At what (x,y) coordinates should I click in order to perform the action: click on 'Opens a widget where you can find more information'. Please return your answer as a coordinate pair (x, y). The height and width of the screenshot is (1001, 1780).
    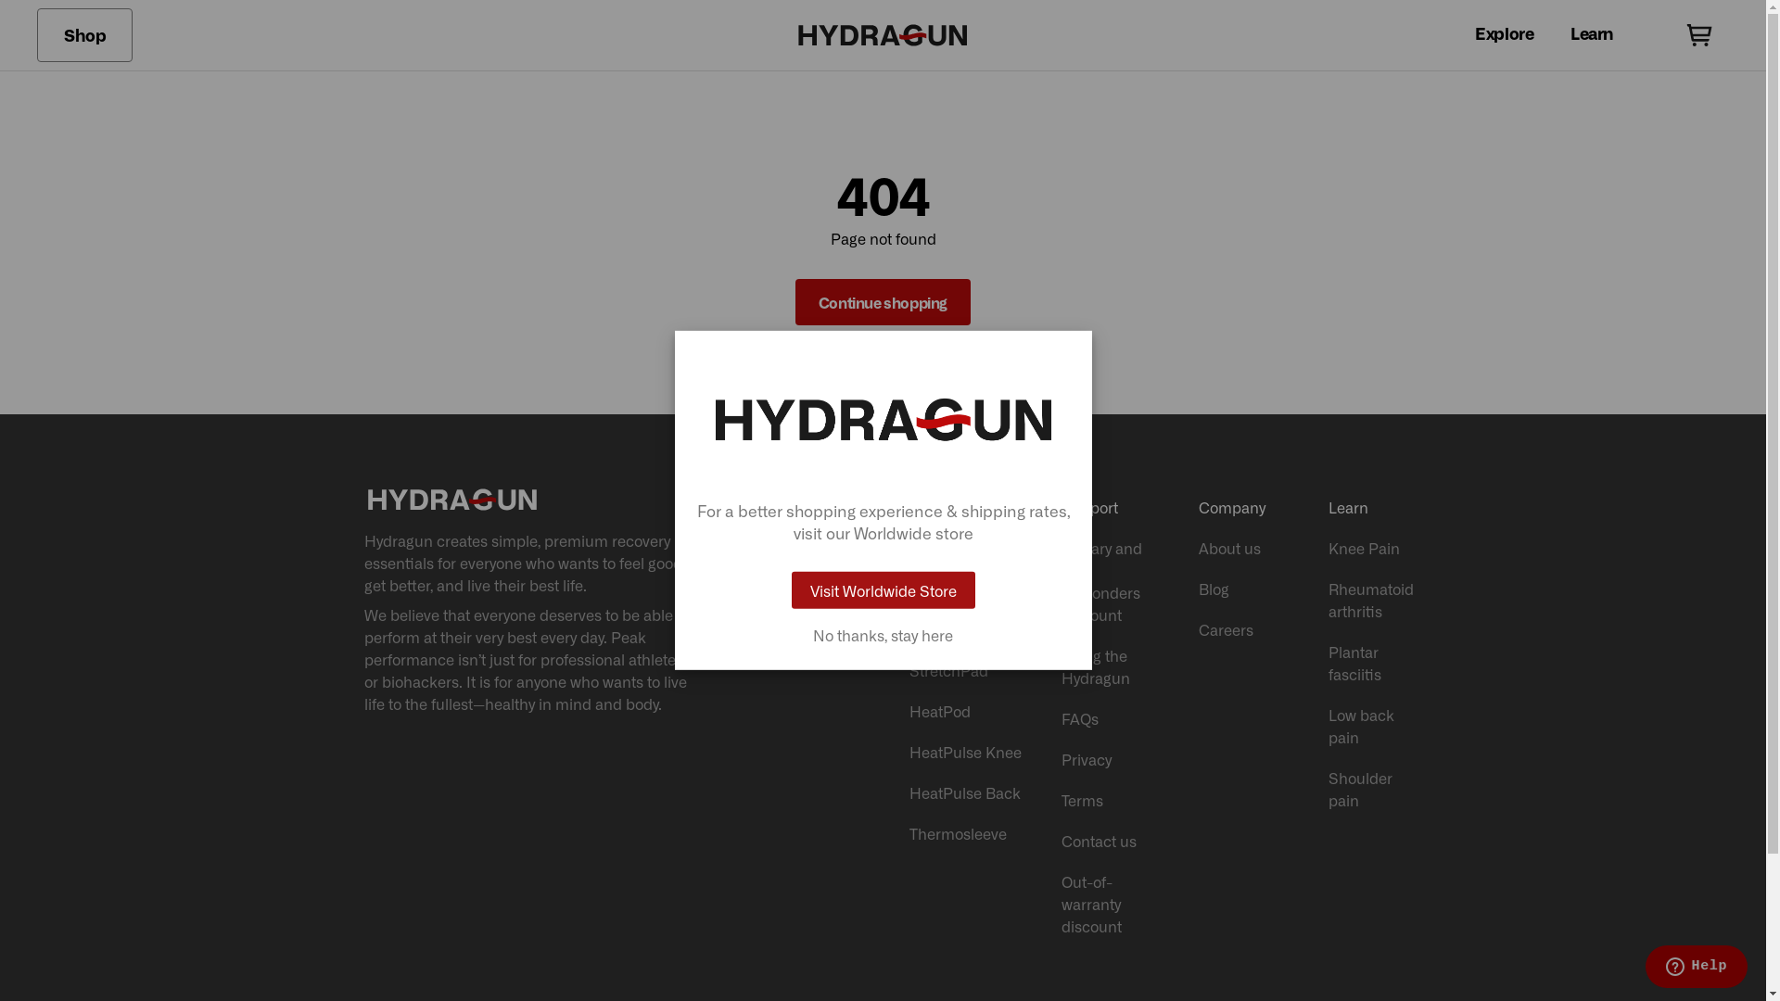
    Looking at the image, I should click on (1696, 968).